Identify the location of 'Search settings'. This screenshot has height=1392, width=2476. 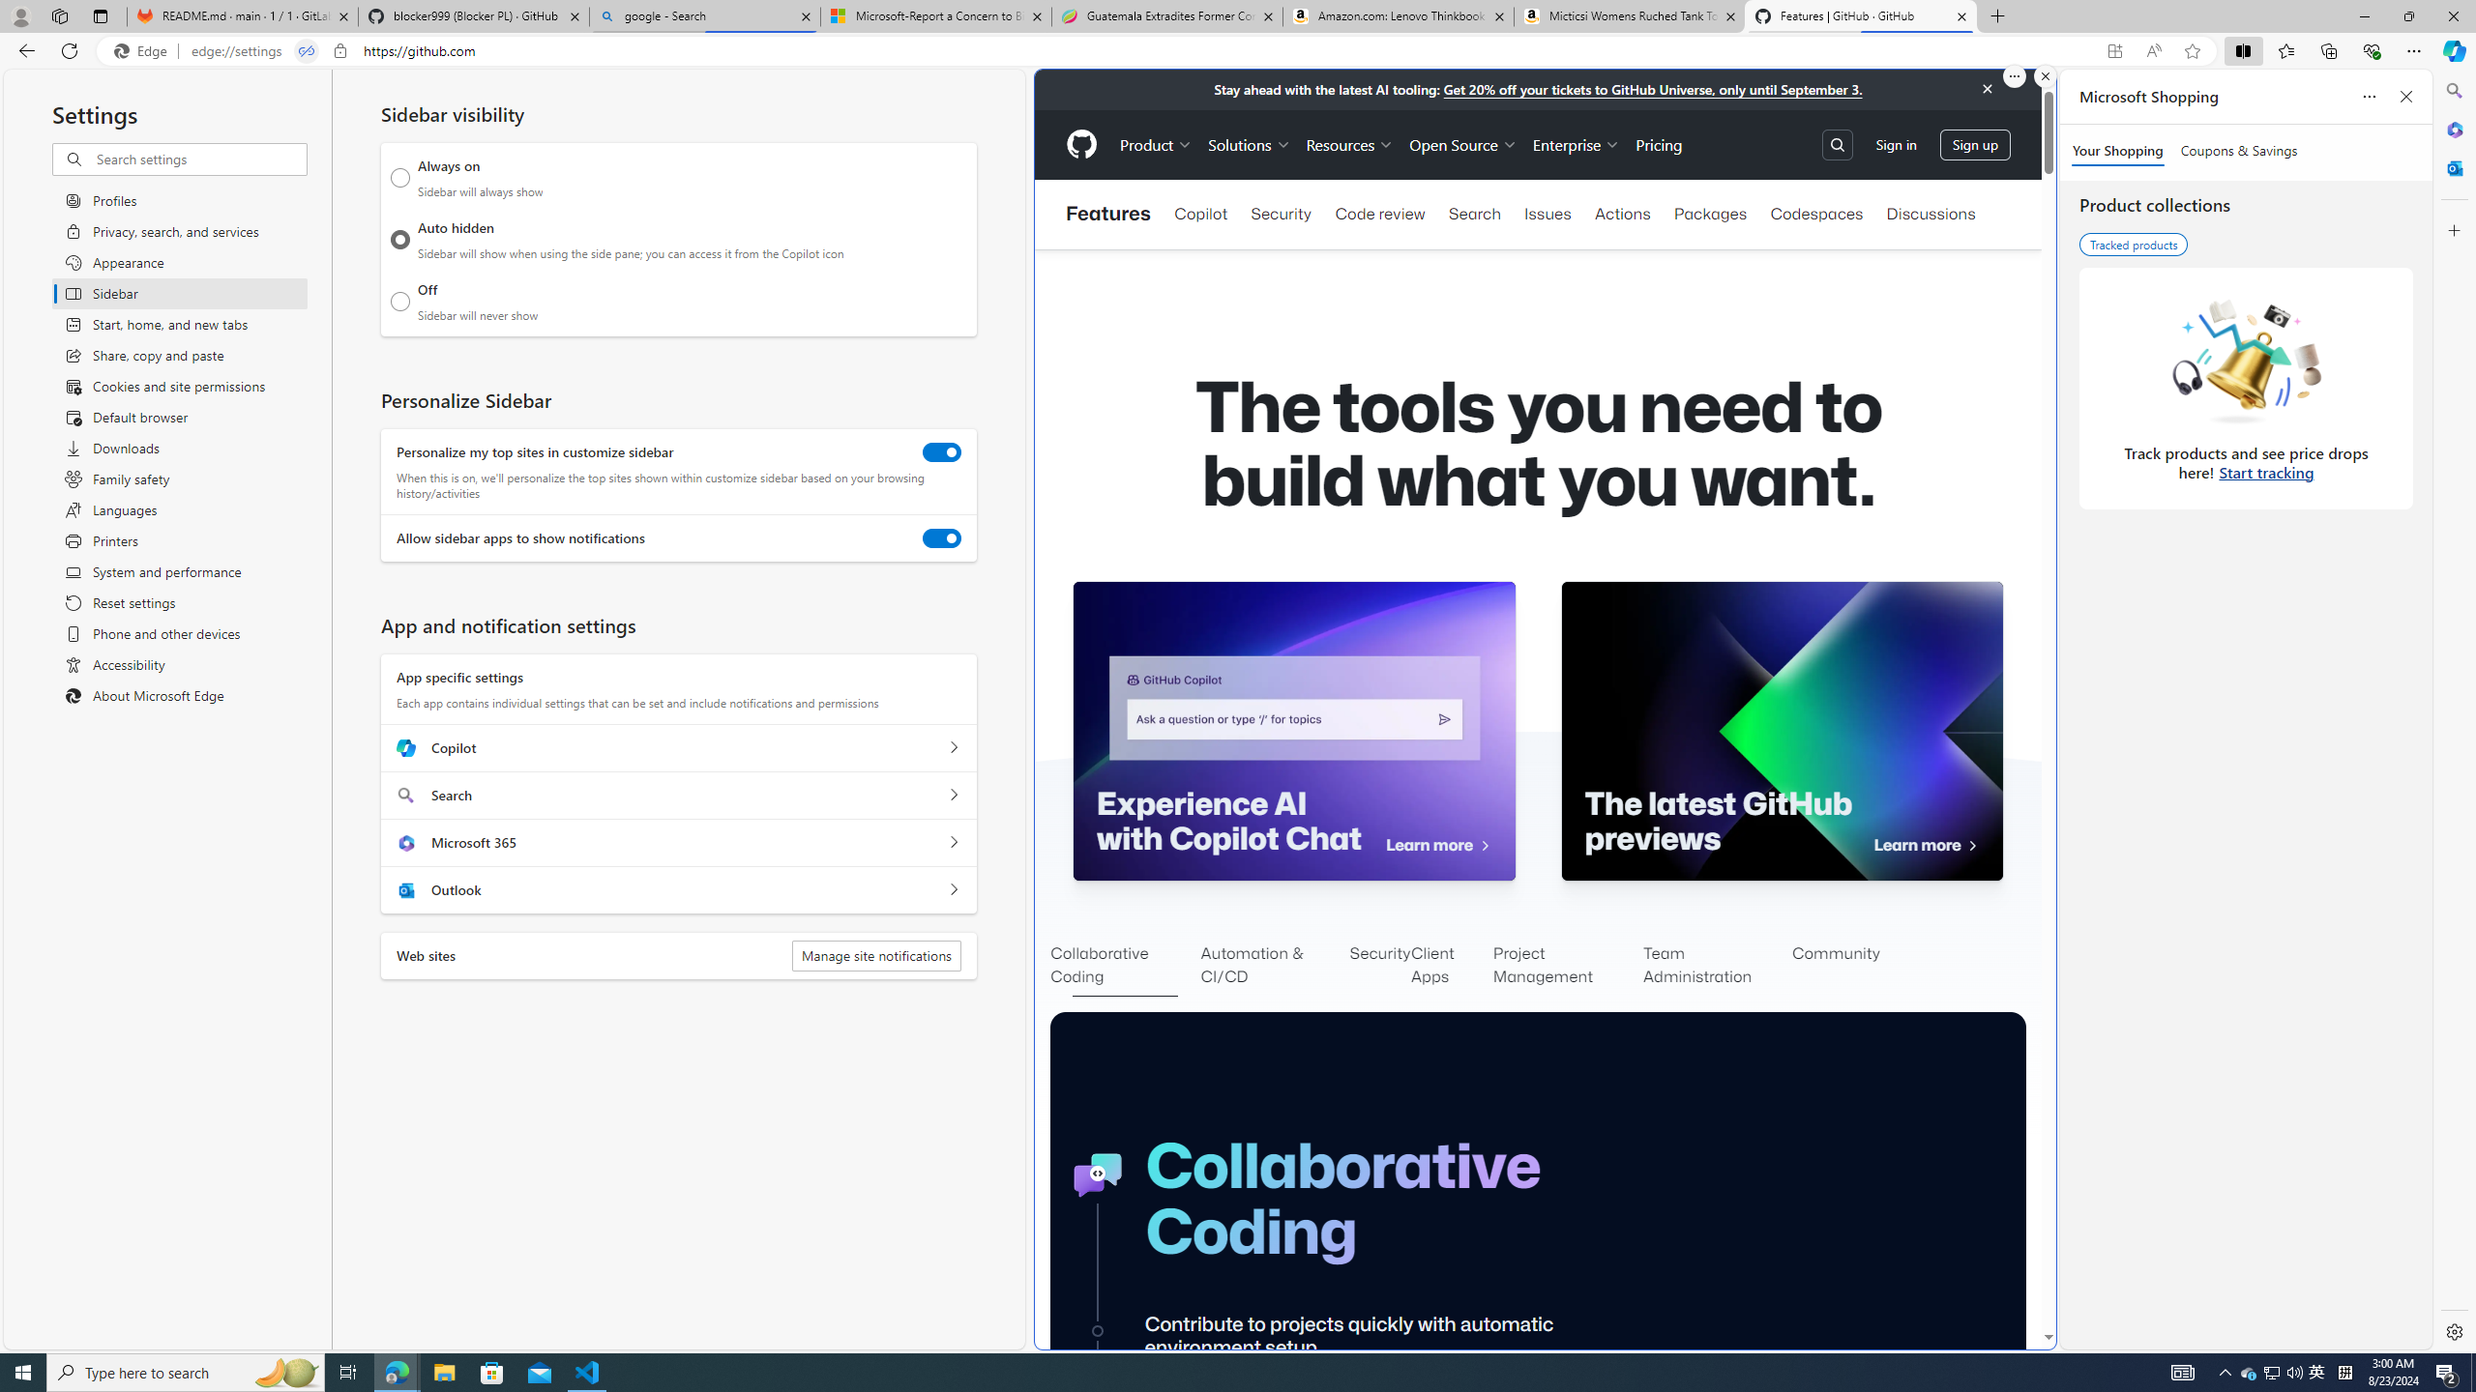
(200, 159).